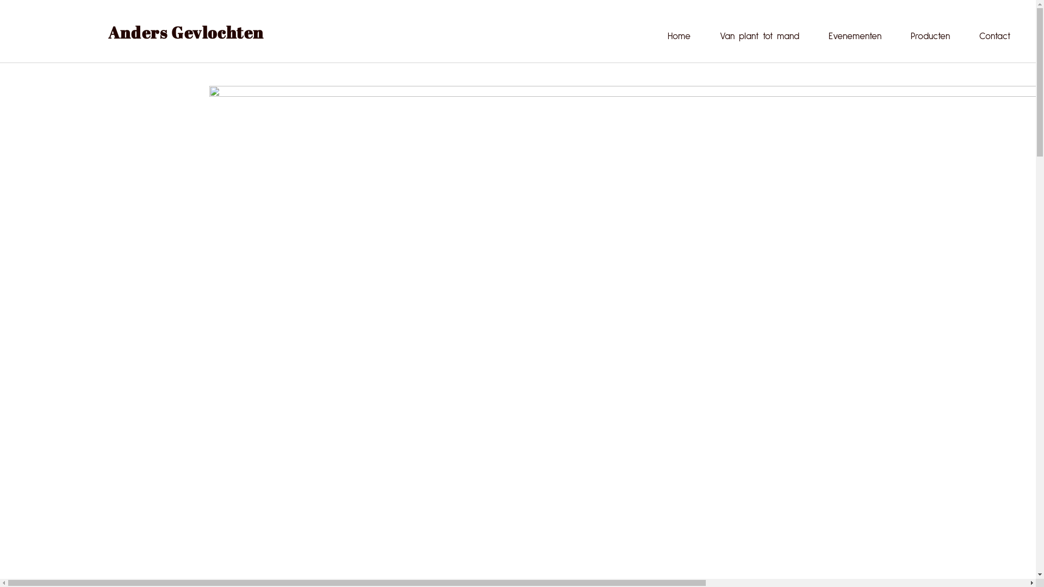  I want to click on 'Contact', so click(995, 35).